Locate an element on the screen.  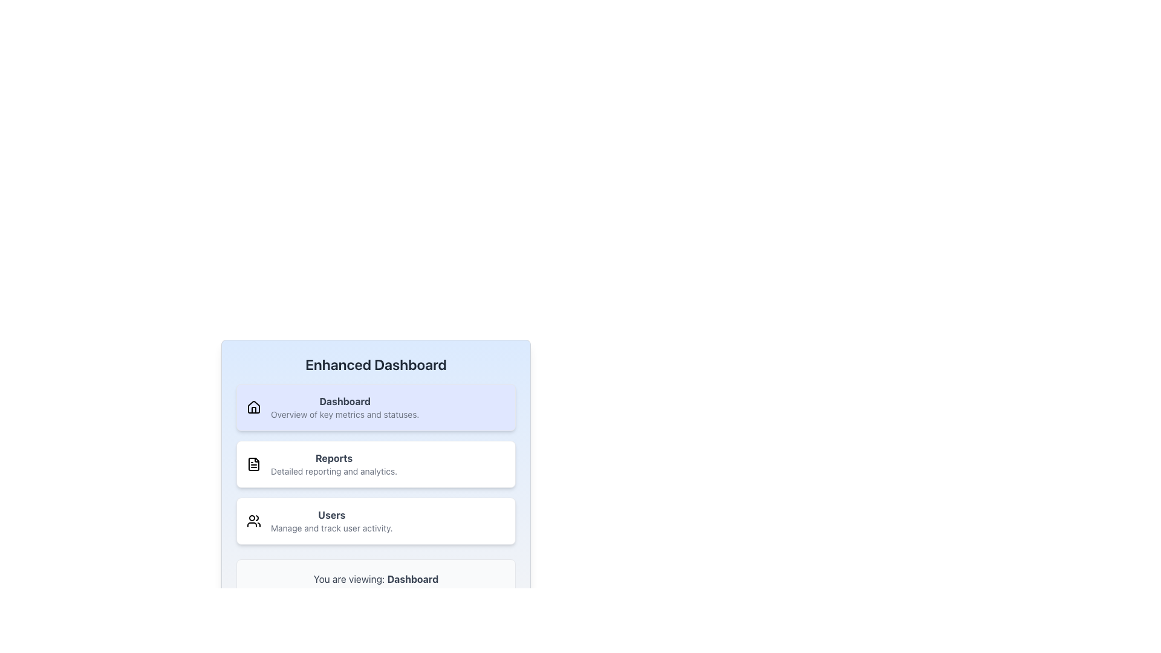
the text block containing 'Users' is located at coordinates (331, 520).